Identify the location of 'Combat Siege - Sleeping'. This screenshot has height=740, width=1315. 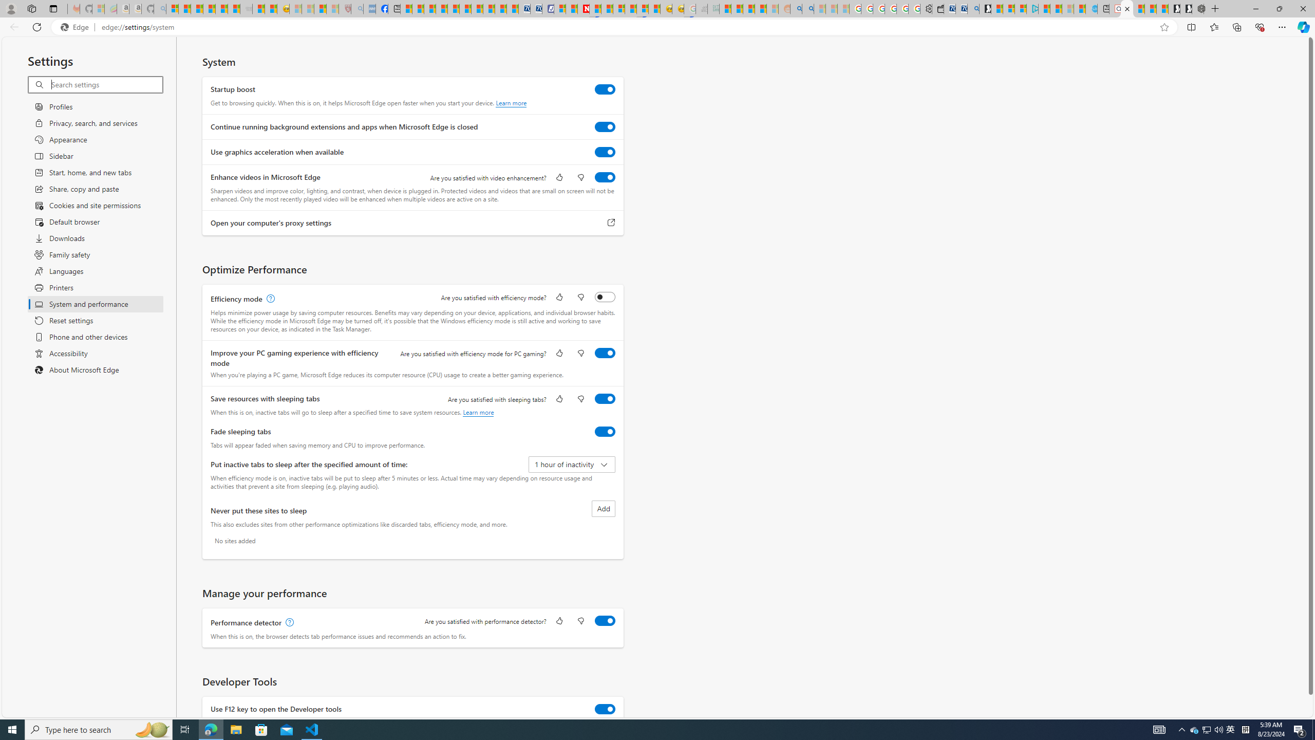
(245, 8).